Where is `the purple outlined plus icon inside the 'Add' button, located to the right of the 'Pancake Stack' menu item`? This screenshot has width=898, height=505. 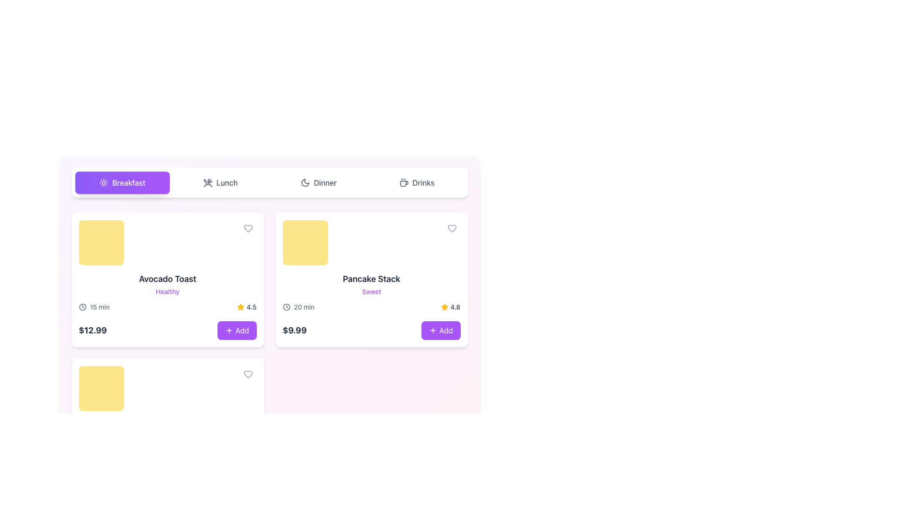 the purple outlined plus icon inside the 'Add' button, located to the right of the 'Pancake Stack' menu item is located at coordinates (433, 330).